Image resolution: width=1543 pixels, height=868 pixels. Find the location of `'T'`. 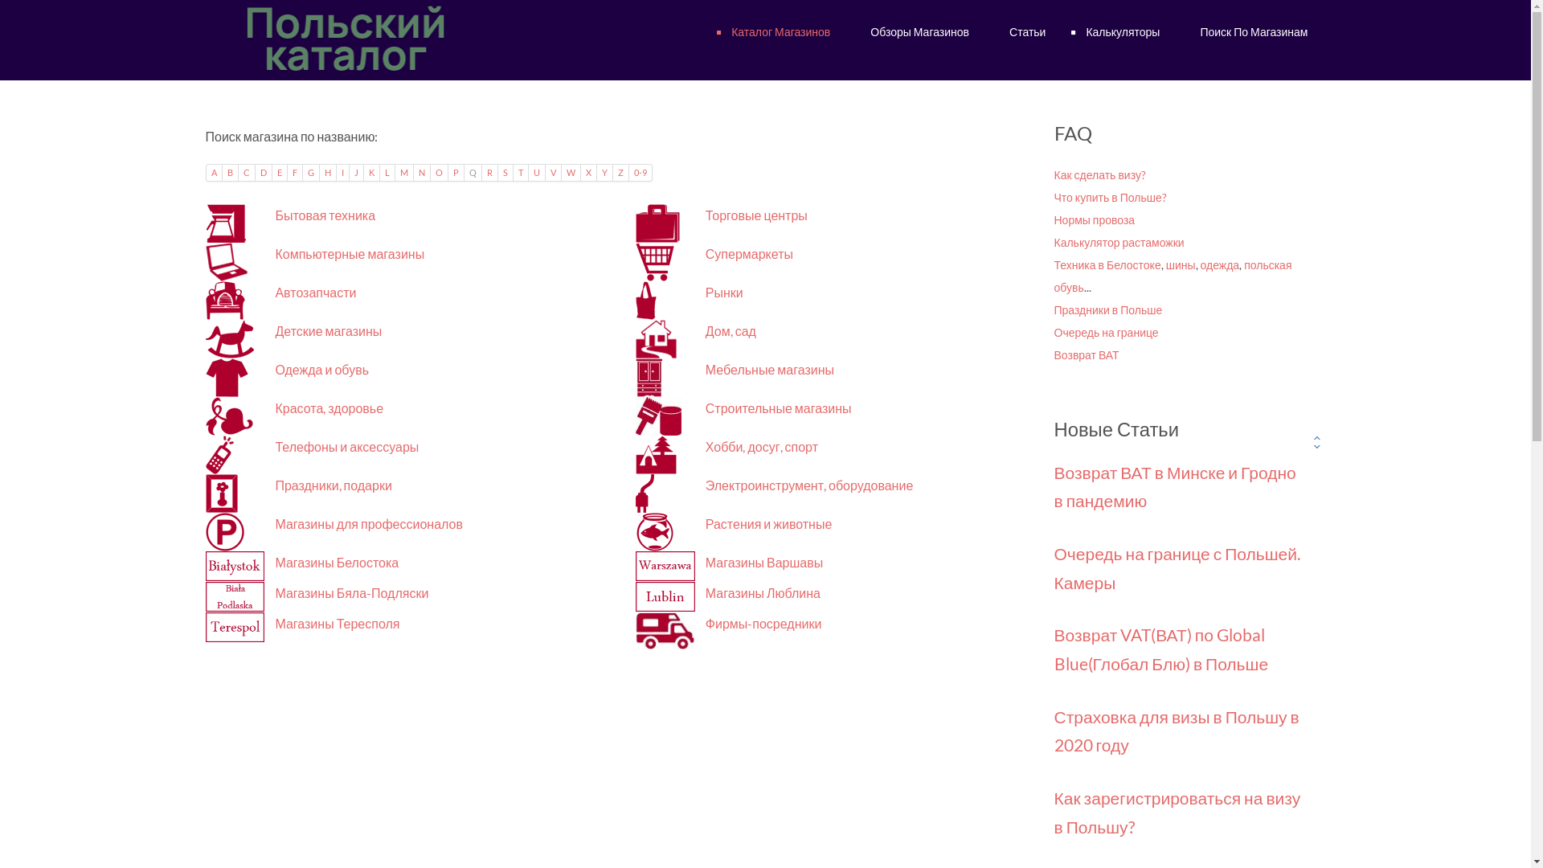

'T' is located at coordinates (520, 173).